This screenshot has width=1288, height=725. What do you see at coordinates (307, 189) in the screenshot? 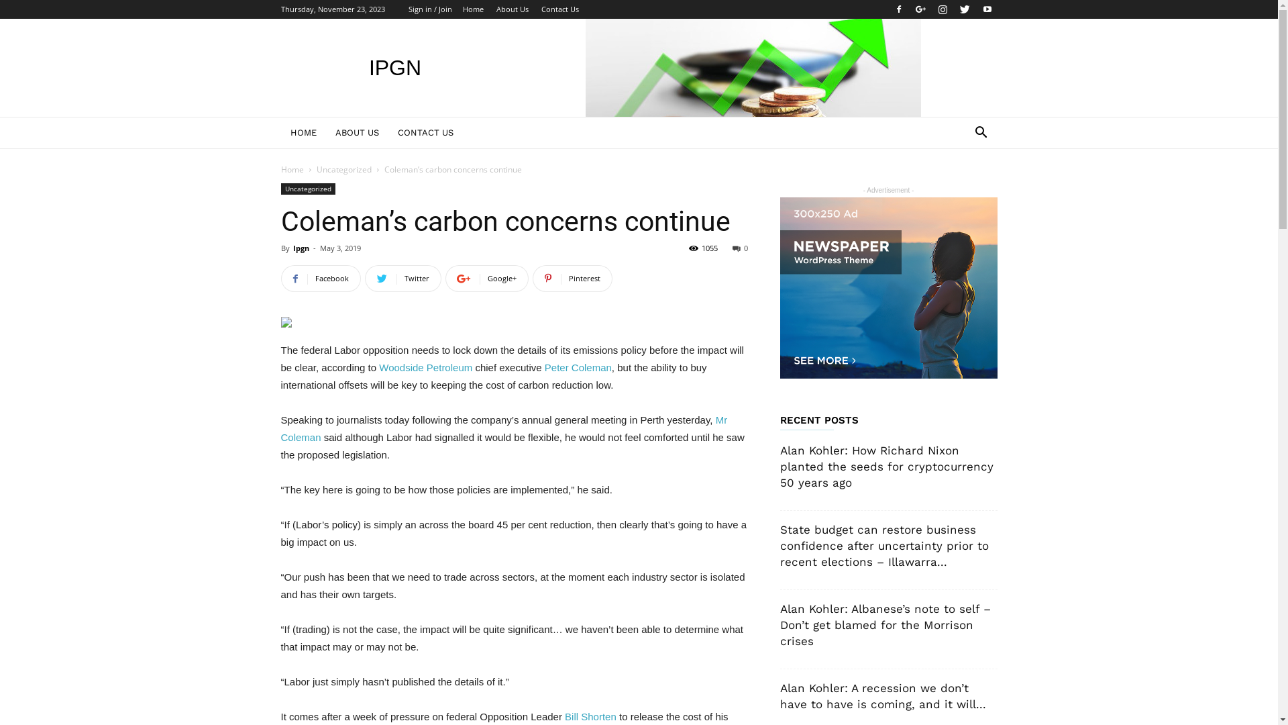
I see `'Uncategorized'` at bounding box center [307, 189].